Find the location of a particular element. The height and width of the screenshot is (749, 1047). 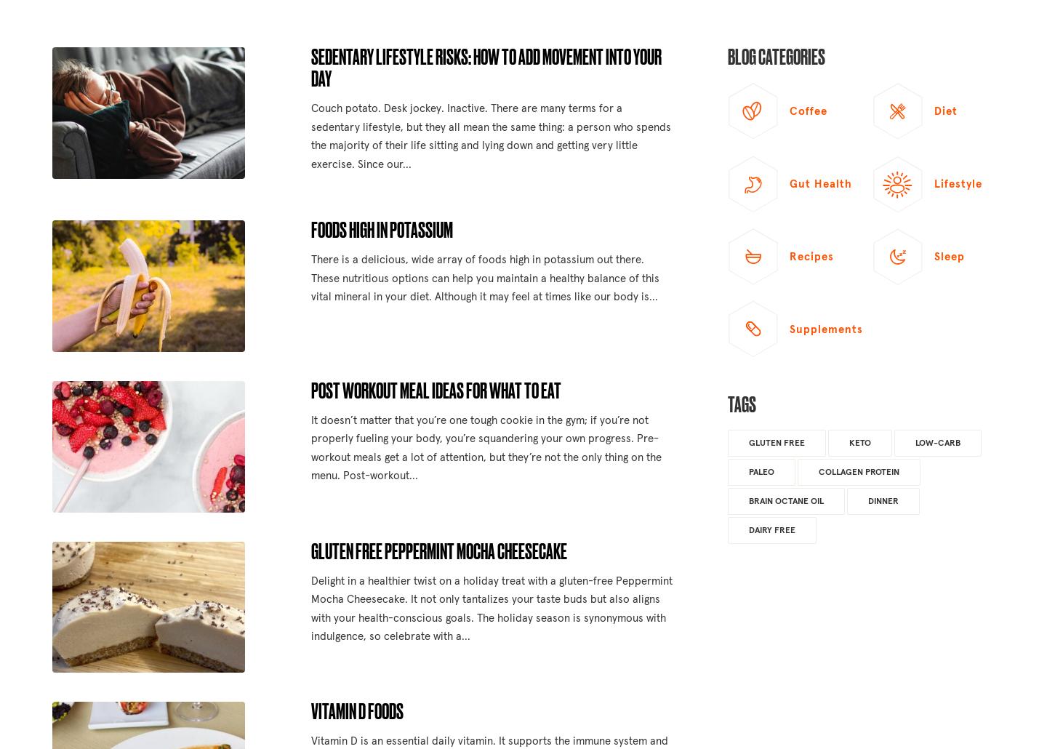

'There is a delicious, wide array of foods high in potassium out there. These nutritious options can help you maintain a healthy balance of this vital mineral in your diet. Although it may feel at times like our body is...' is located at coordinates (484, 278).